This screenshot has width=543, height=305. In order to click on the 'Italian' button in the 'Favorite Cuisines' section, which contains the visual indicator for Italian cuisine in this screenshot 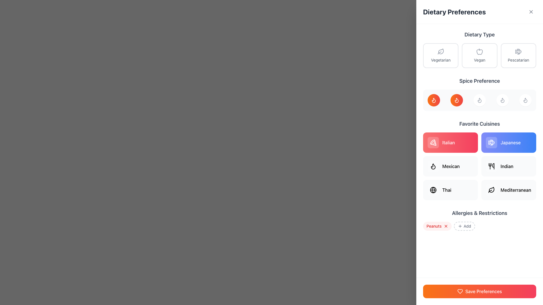, I will do `click(433, 142)`.